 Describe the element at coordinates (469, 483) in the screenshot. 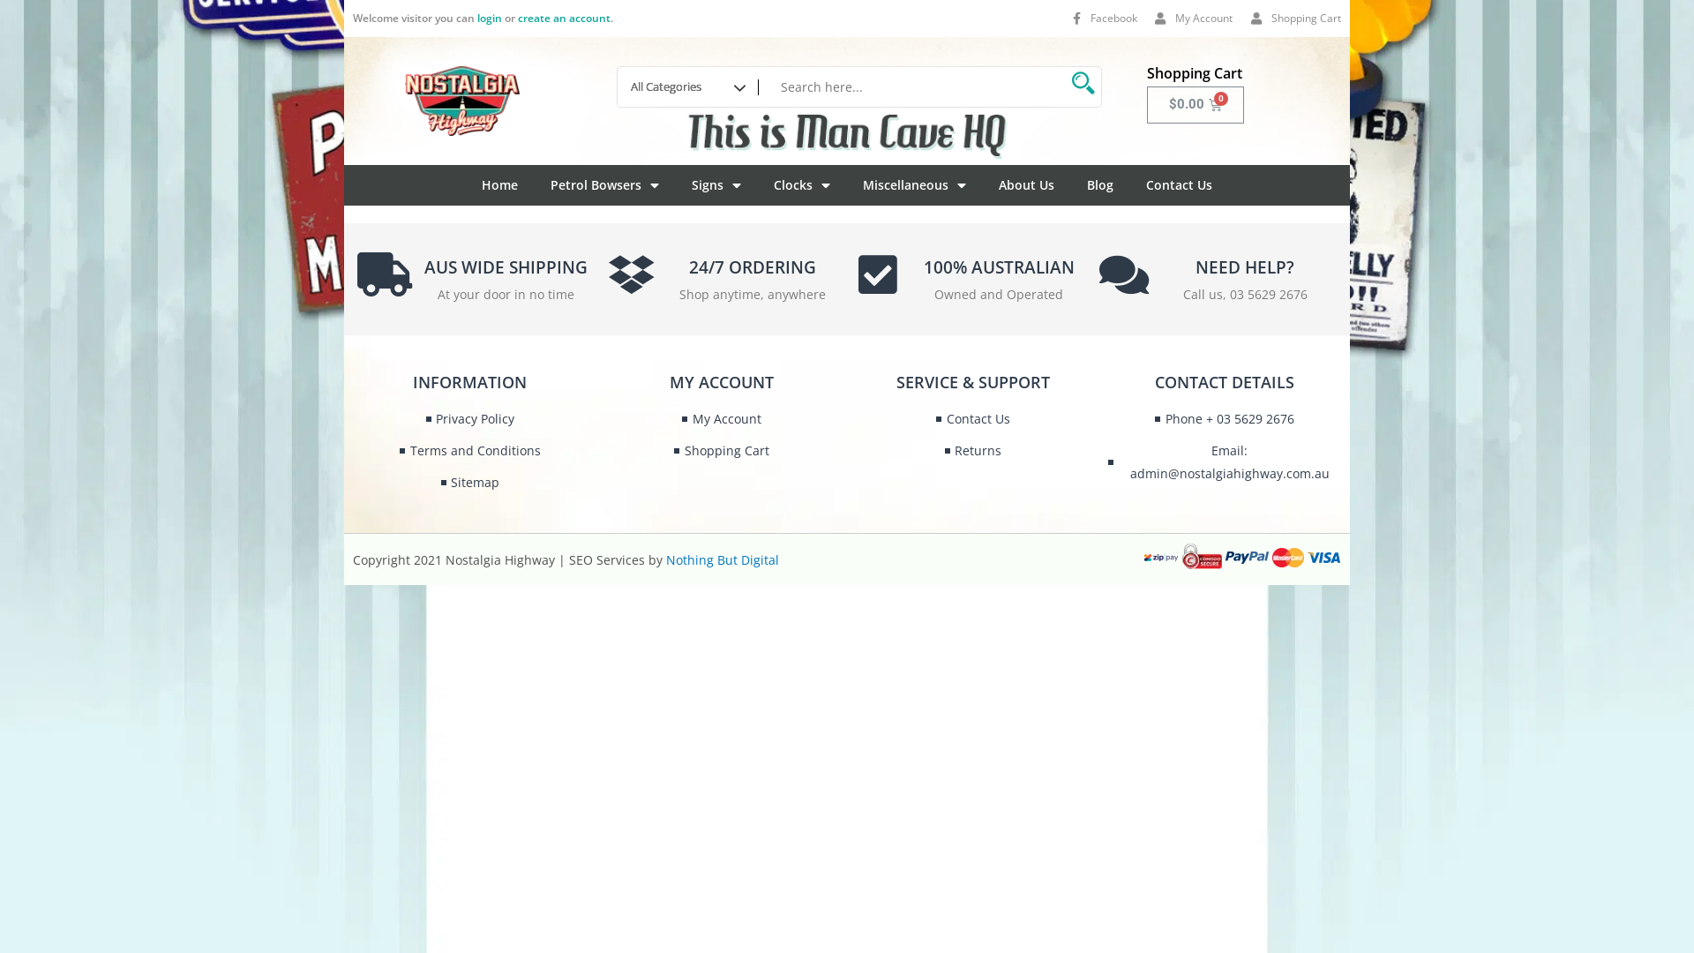

I see `'Sitemap'` at that location.